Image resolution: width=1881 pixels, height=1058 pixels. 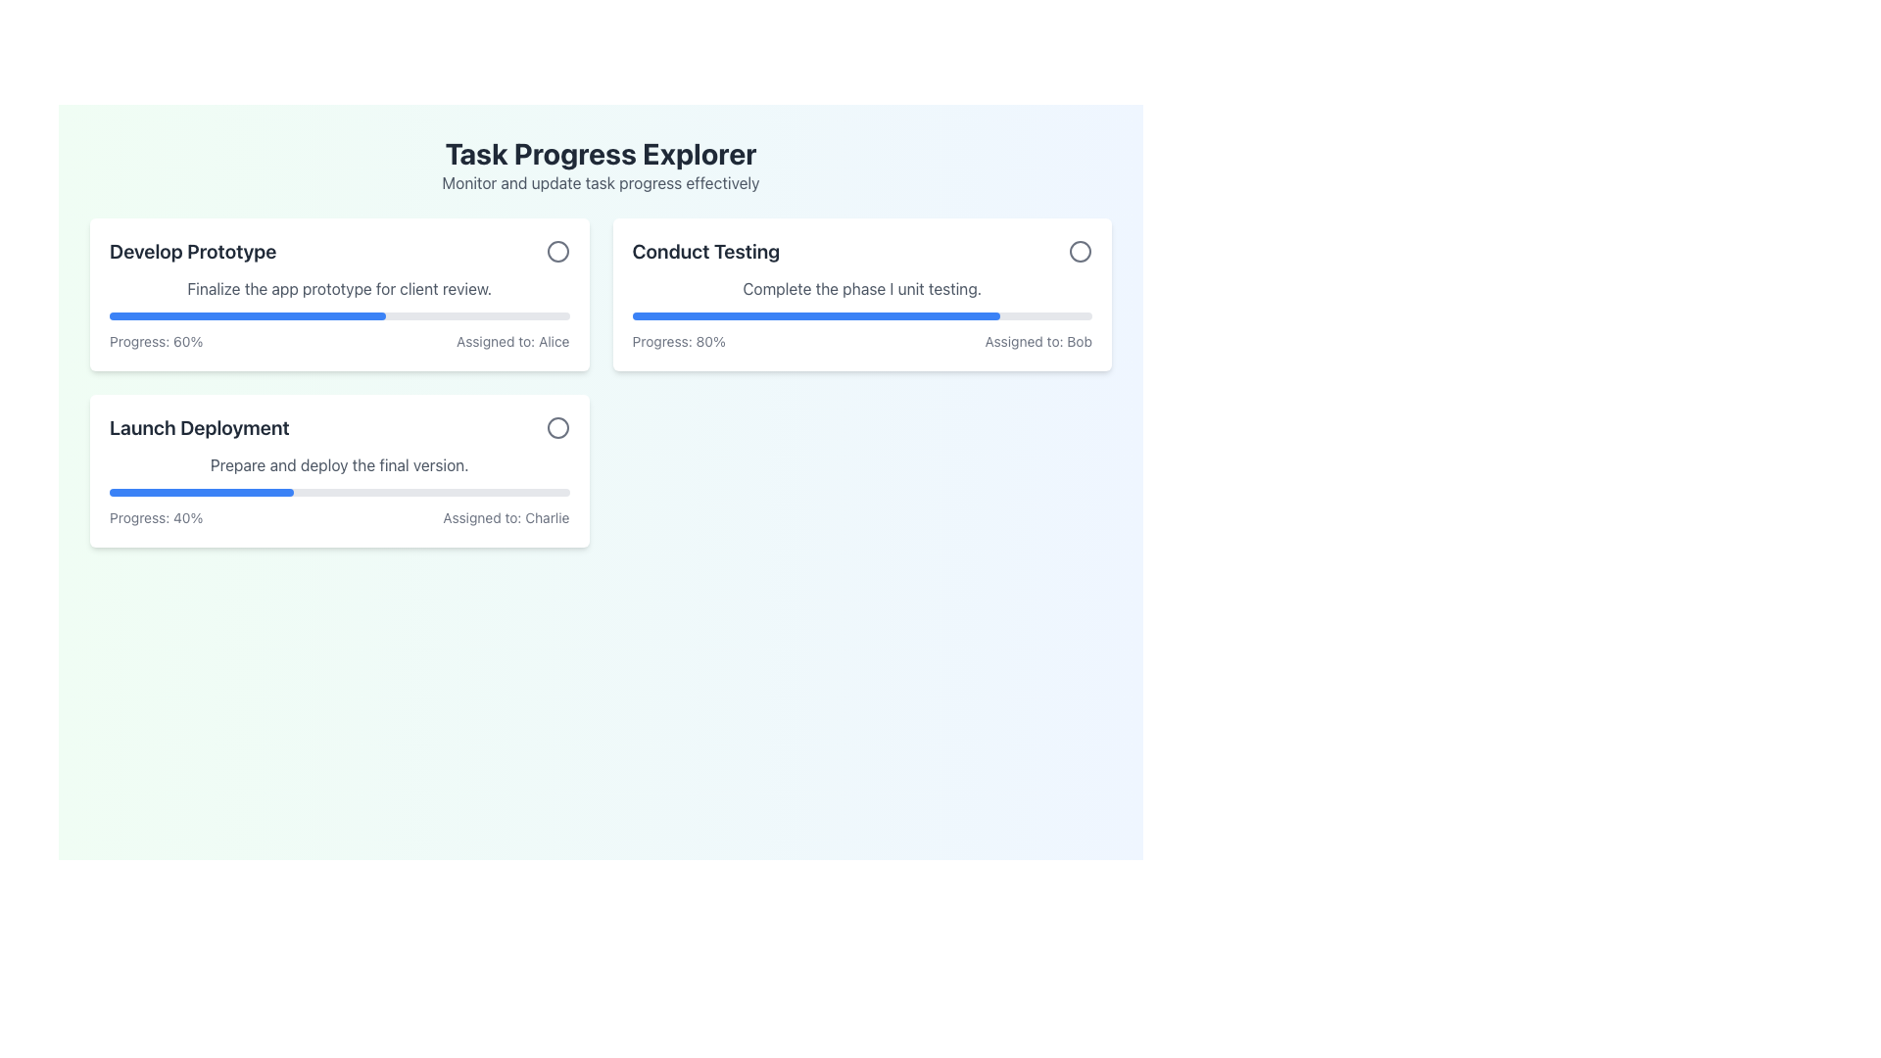 I want to click on the gray-stroked circular outline icon in the top-right corner of the 'Conduct Testing' task card, so click(x=1080, y=251).